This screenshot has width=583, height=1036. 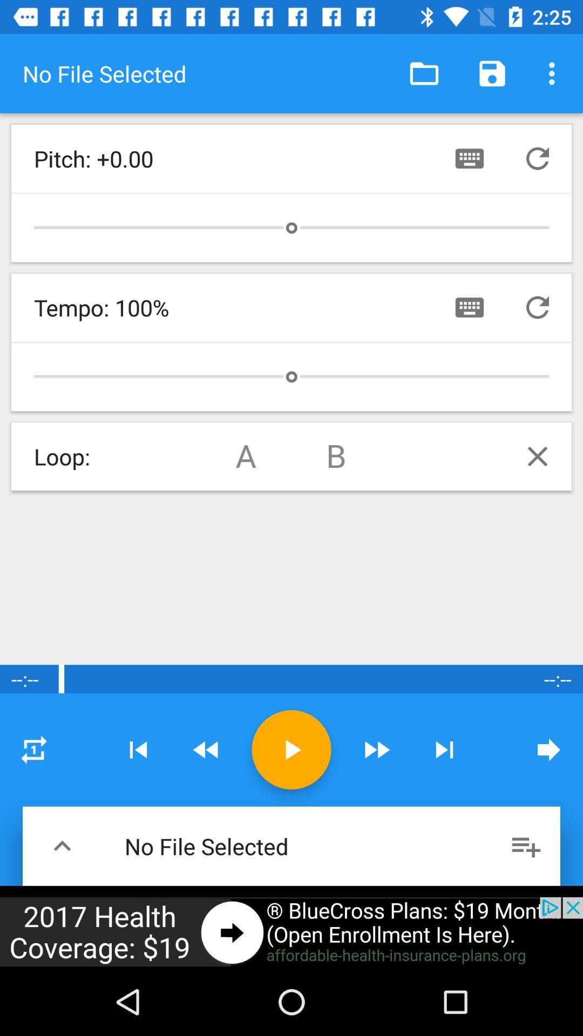 What do you see at coordinates (469, 158) in the screenshot?
I see `contact botton` at bounding box center [469, 158].